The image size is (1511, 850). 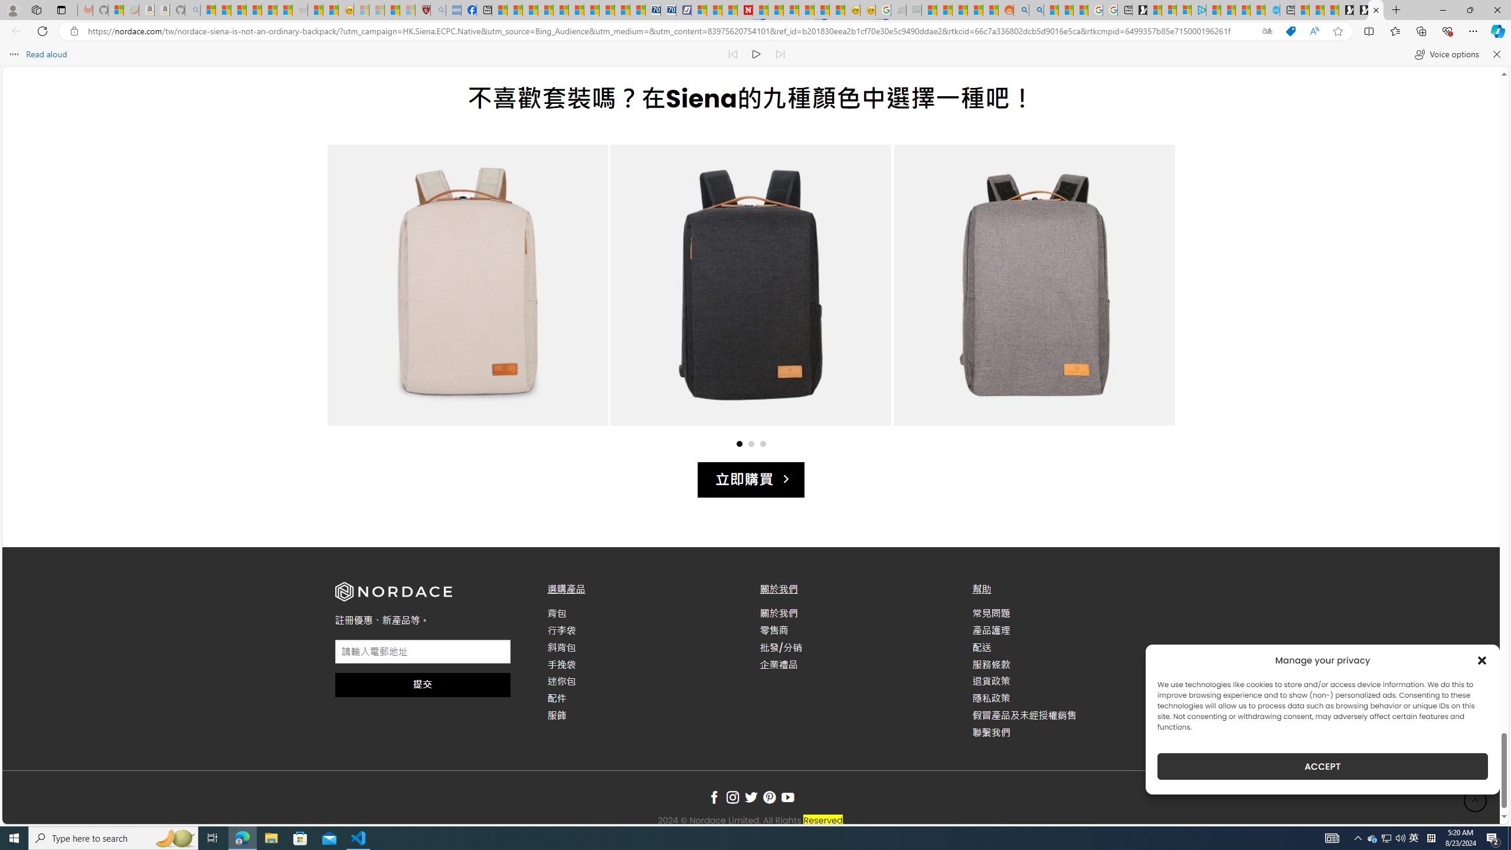 I want to click on 'This site has coupons! Shopping in Microsoft Edge', so click(x=1290, y=31).